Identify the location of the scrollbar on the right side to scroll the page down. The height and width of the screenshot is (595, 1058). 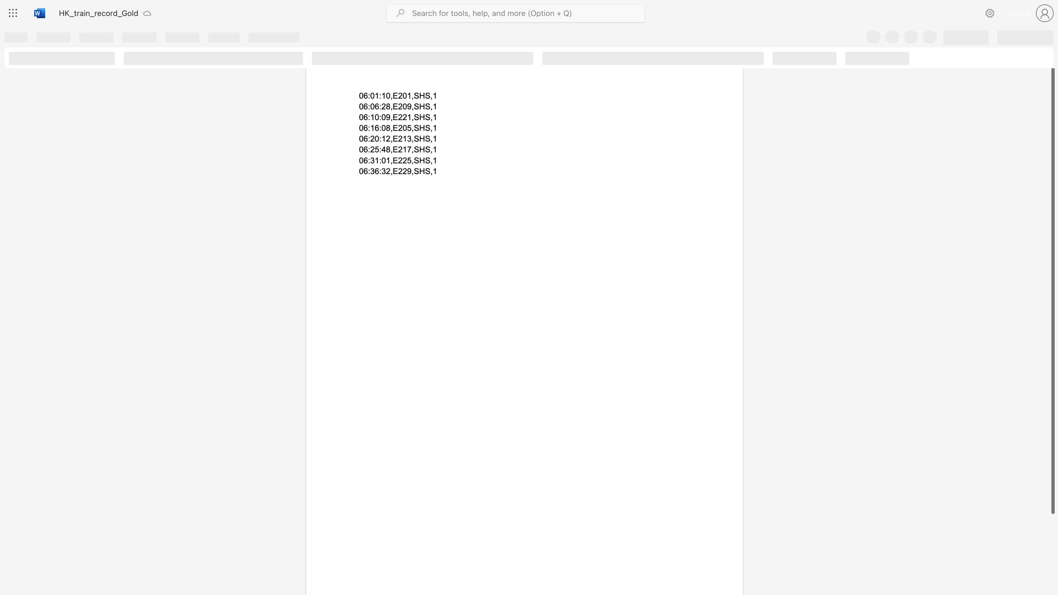
(1052, 583).